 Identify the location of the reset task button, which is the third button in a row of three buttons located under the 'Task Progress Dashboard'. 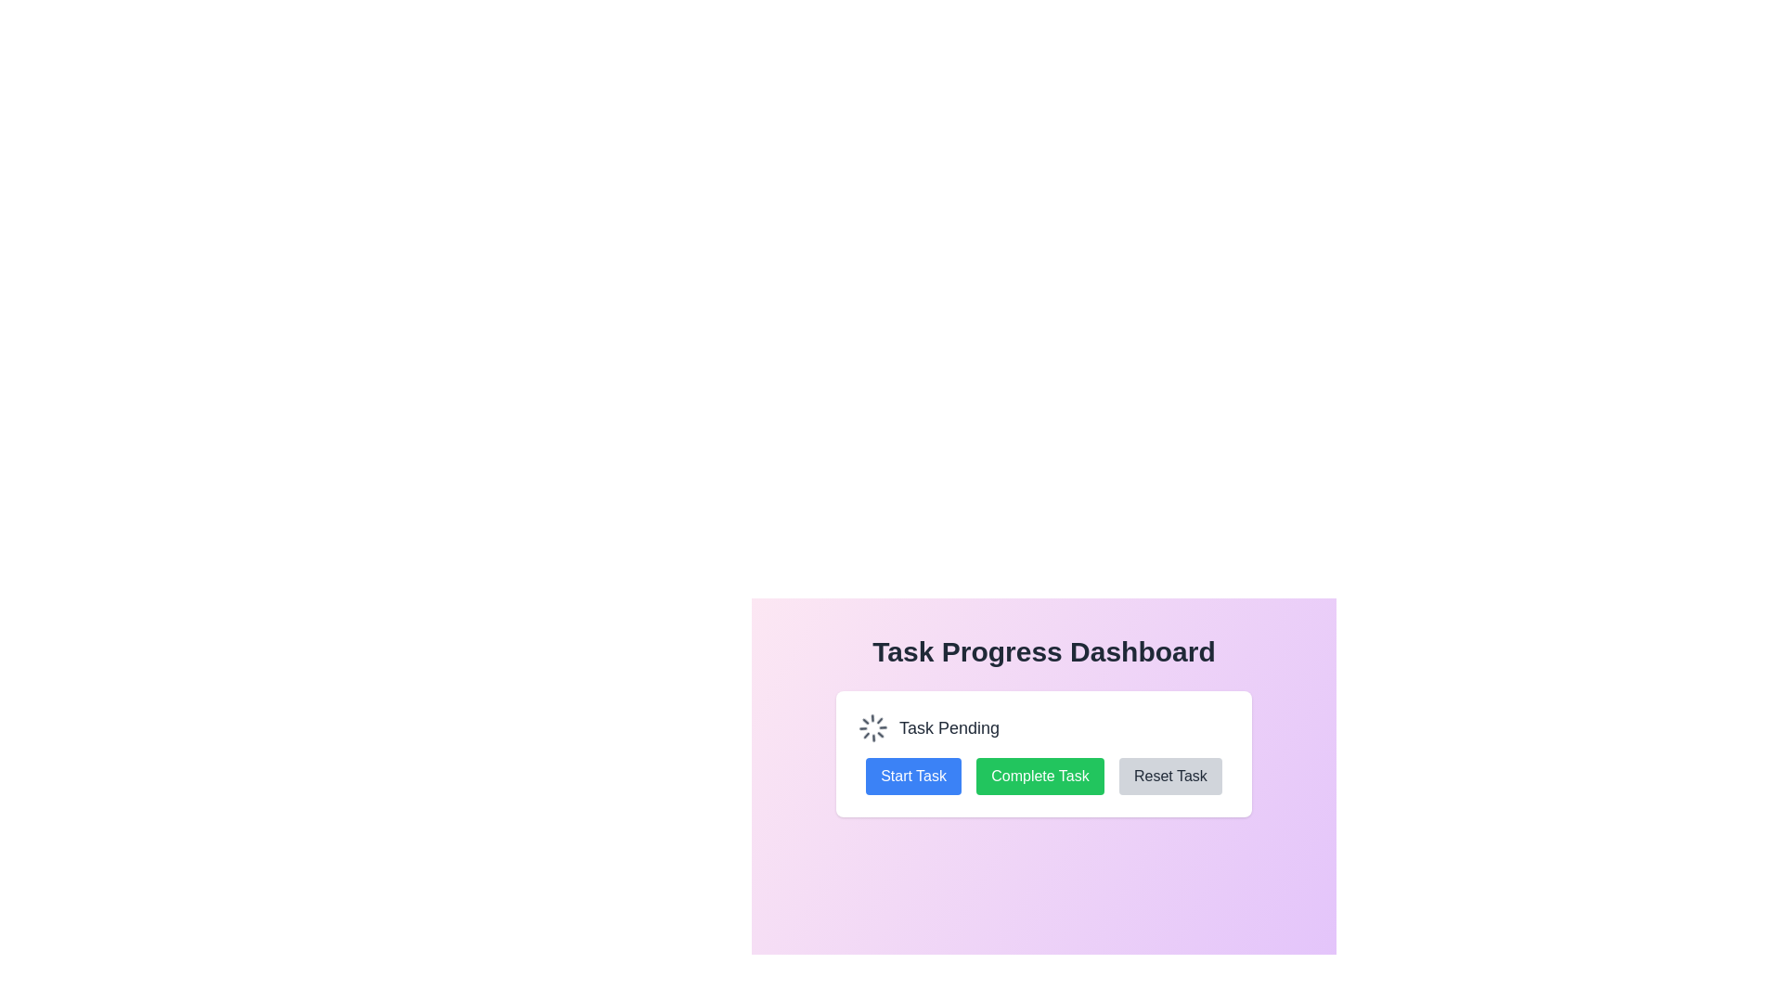
(1169, 777).